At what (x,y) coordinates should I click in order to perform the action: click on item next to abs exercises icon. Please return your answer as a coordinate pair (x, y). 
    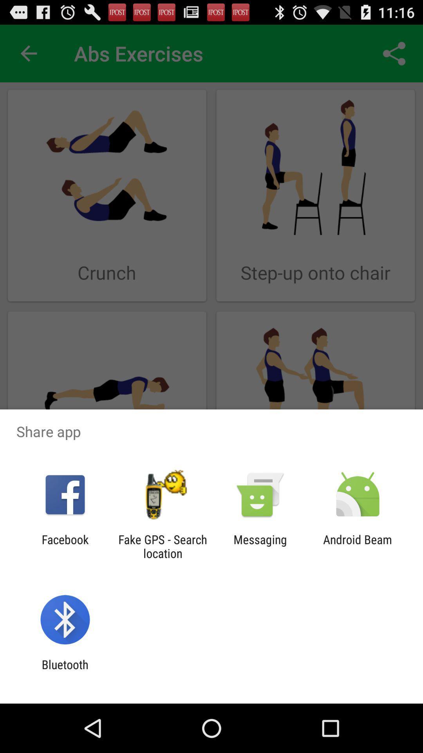
    Looking at the image, I should click on (394, 53).